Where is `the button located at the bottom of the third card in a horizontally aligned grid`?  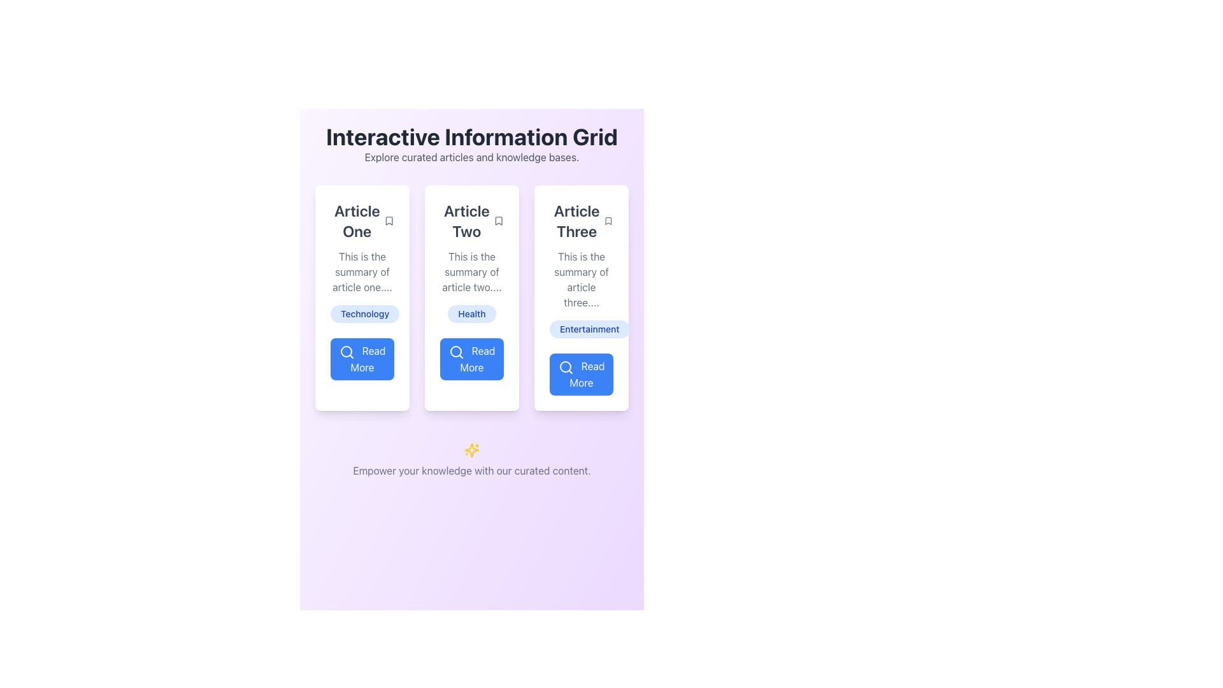 the button located at the bottom of the third card in a horizontally aligned grid is located at coordinates (580, 373).